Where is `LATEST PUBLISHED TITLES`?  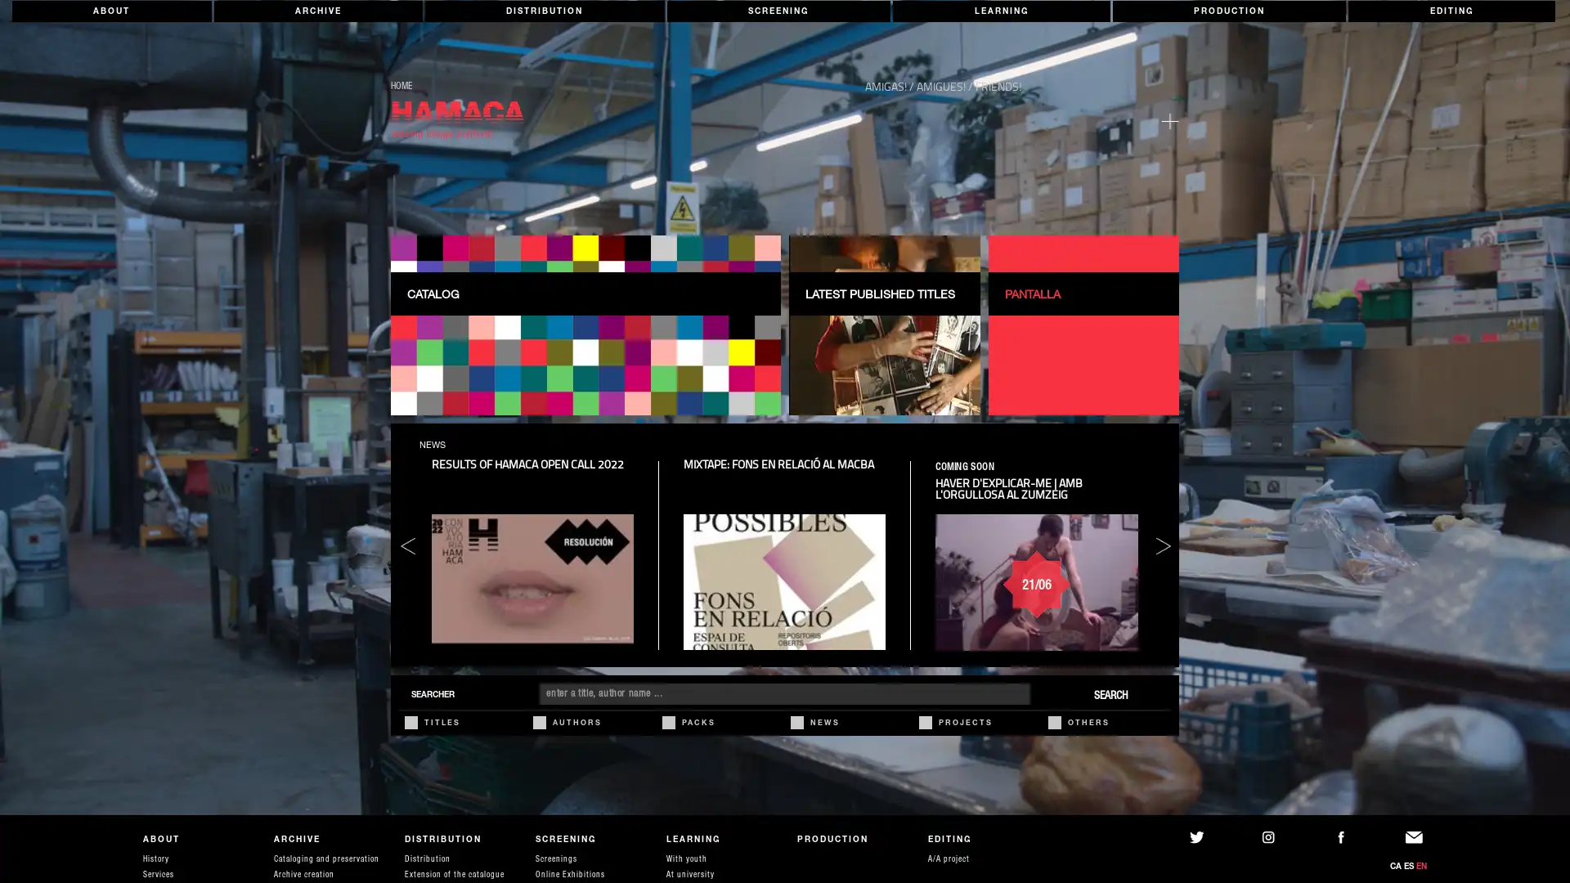 LATEST PUBLISHED TITLES is located at coordinates (883, 325).